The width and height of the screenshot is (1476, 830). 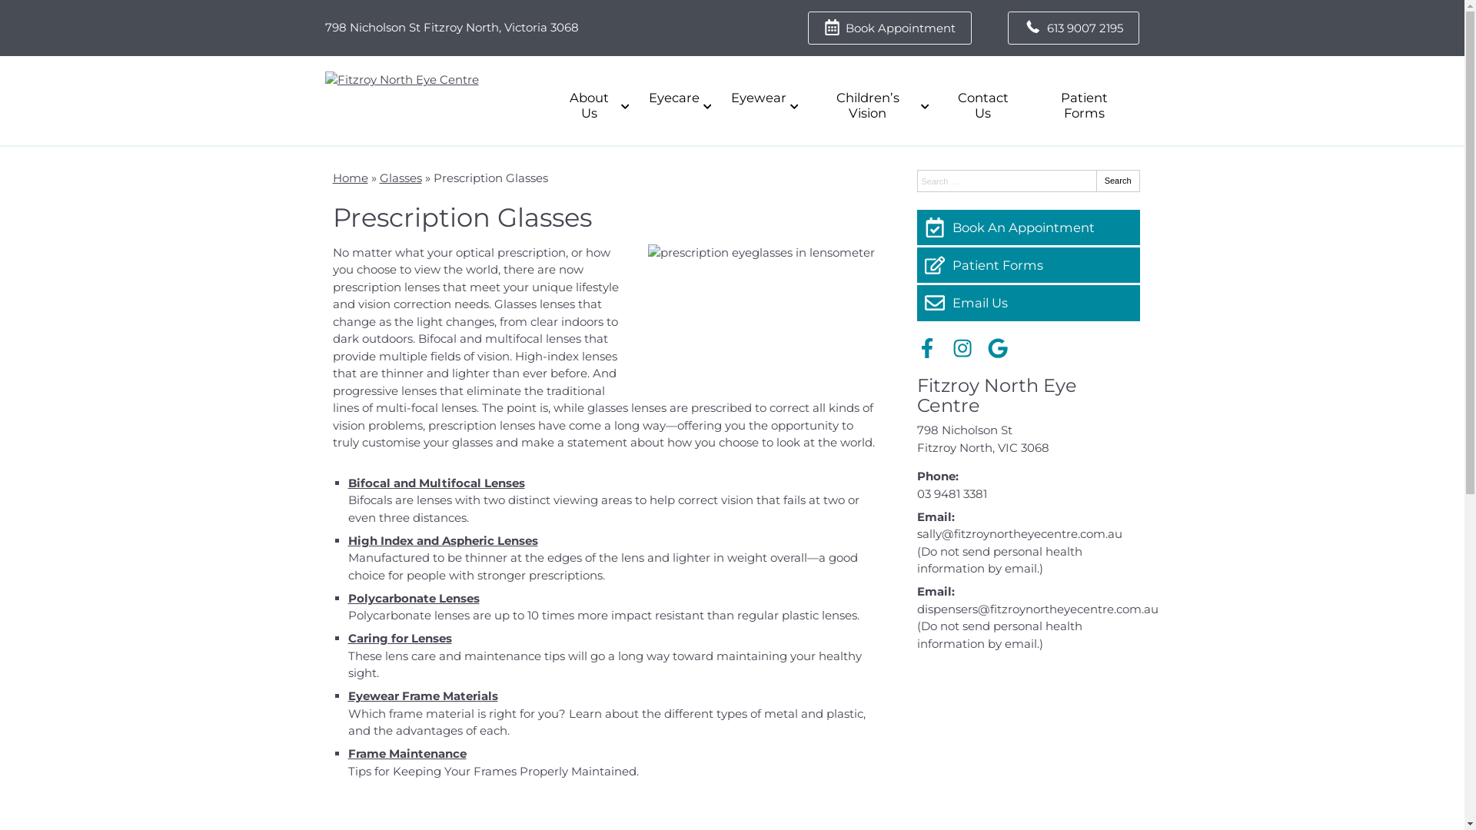 I want to click on 'Search', so click(x=1095, y=180).